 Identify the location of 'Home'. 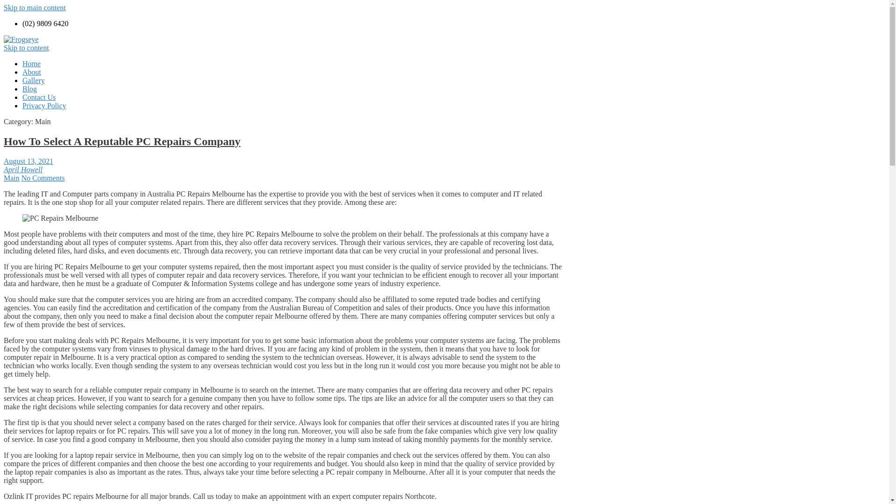
(31, 63).